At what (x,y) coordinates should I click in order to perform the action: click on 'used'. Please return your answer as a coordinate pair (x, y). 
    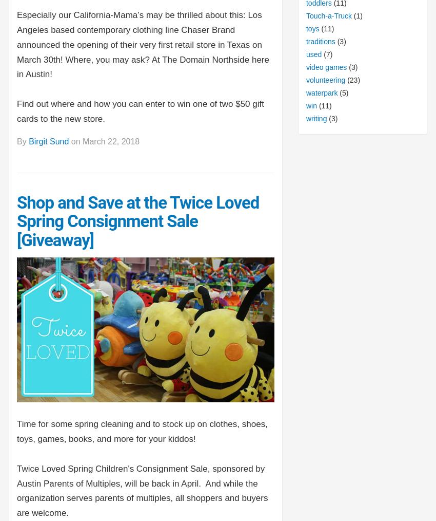
    Looking at the image, I should click on (313, 54).